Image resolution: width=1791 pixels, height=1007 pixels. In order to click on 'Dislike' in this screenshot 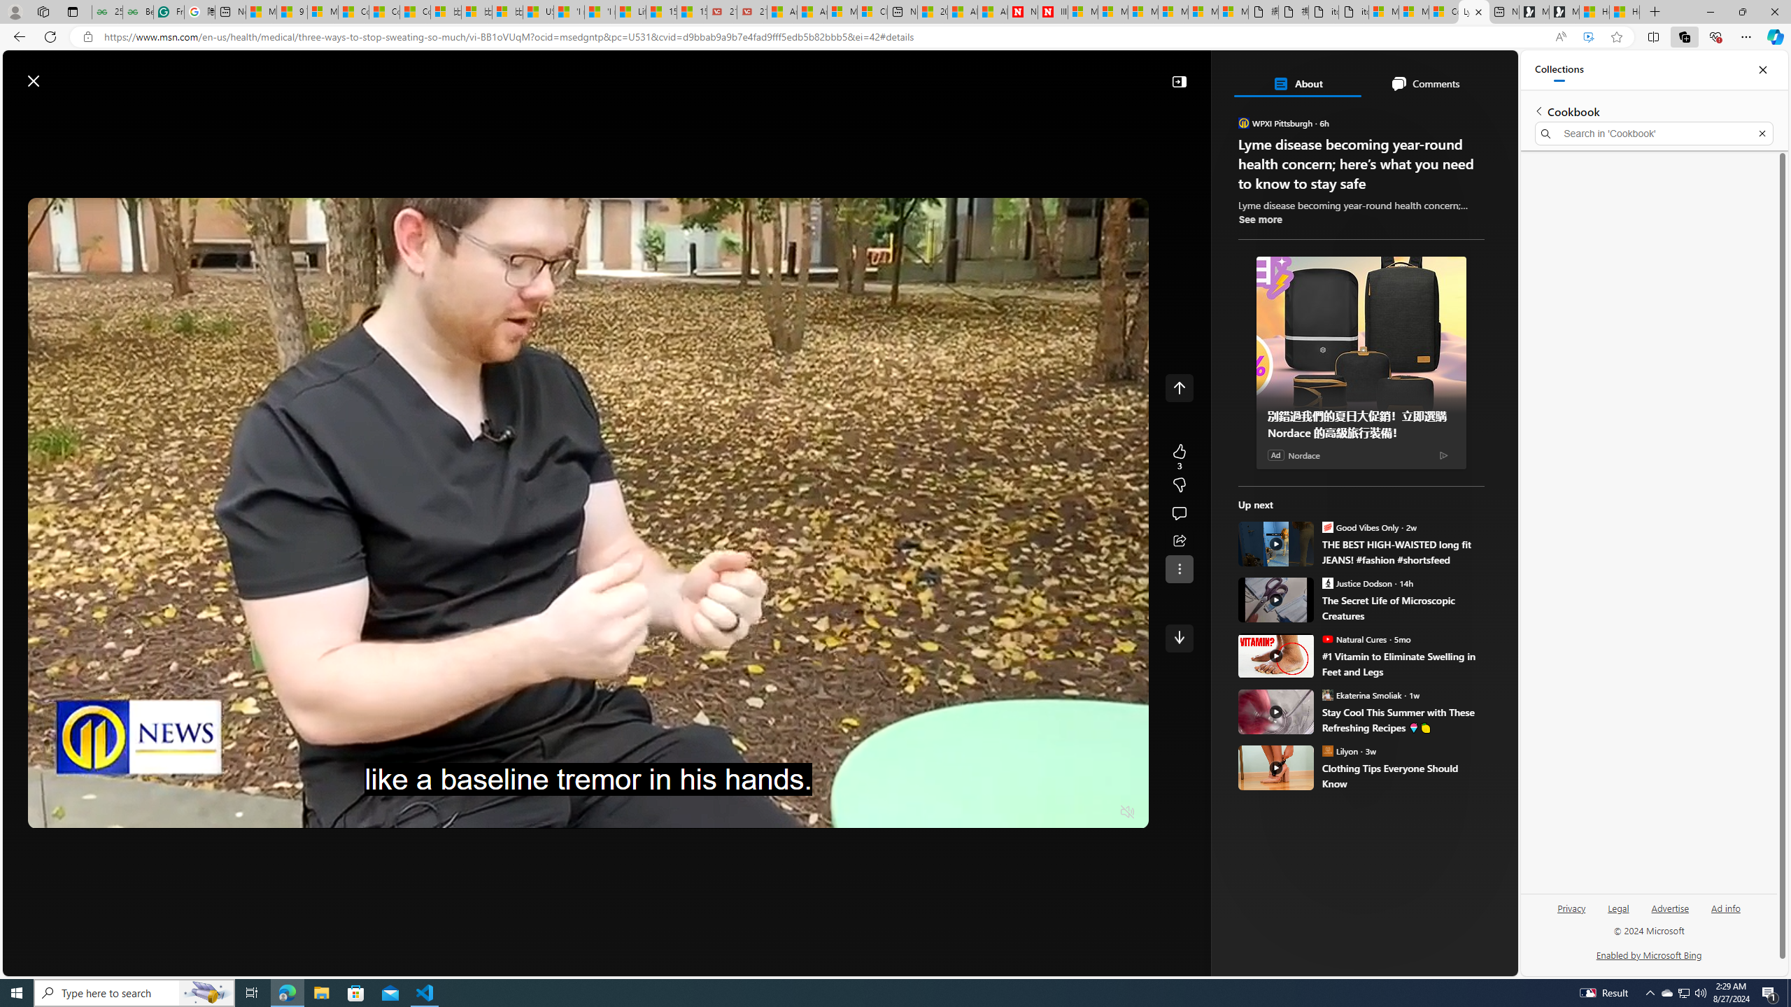, I will do `click(1178, 485)`.